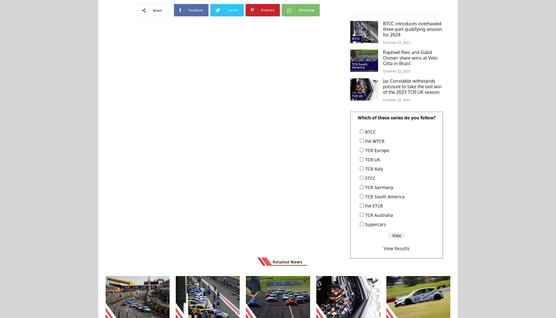  Describe the element at coordinates (233, 10) in the screenshot. I see `'Twitter'` at that location.